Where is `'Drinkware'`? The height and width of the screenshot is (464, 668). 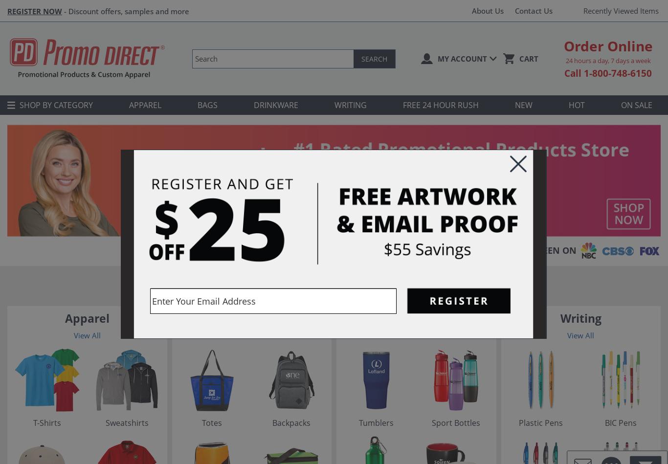 'Drinkware' is located at coordinates (415, 318).